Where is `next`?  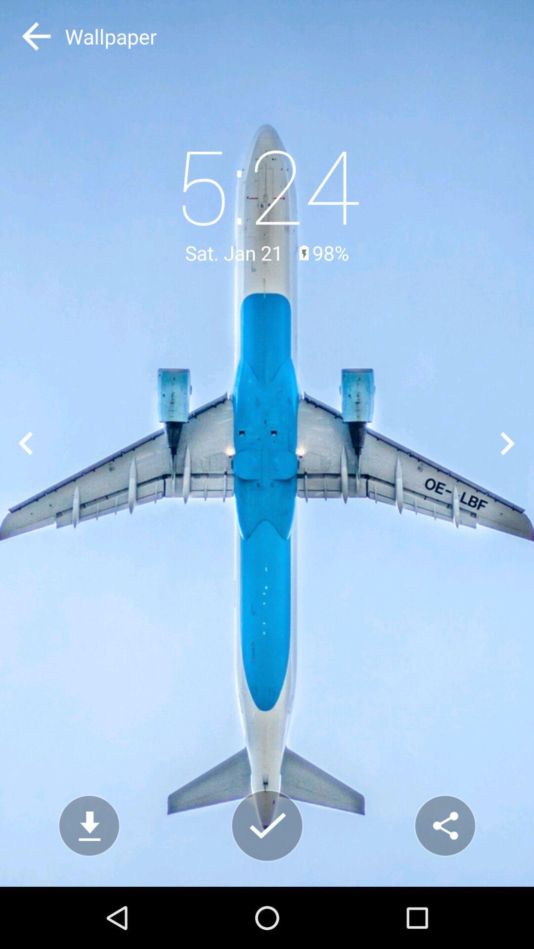 next is located at coordinates (508, 443).